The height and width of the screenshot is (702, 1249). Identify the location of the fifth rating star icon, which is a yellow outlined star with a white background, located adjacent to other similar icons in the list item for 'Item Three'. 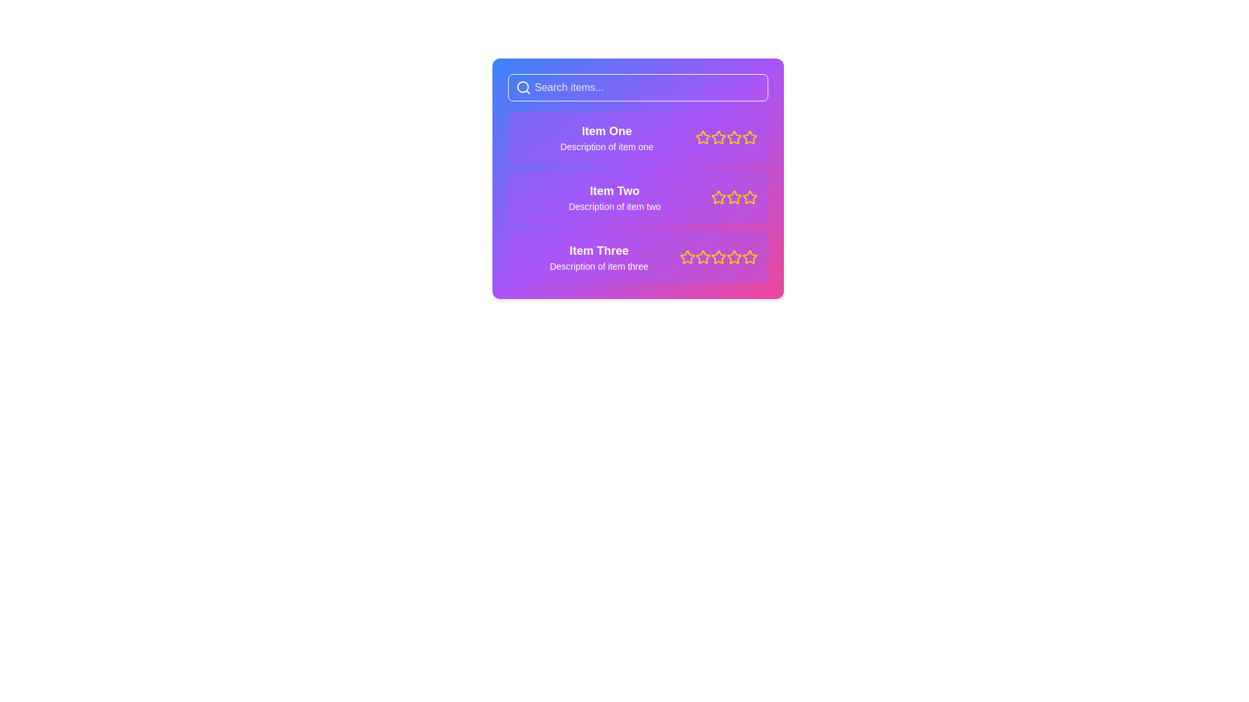
(749, 257).